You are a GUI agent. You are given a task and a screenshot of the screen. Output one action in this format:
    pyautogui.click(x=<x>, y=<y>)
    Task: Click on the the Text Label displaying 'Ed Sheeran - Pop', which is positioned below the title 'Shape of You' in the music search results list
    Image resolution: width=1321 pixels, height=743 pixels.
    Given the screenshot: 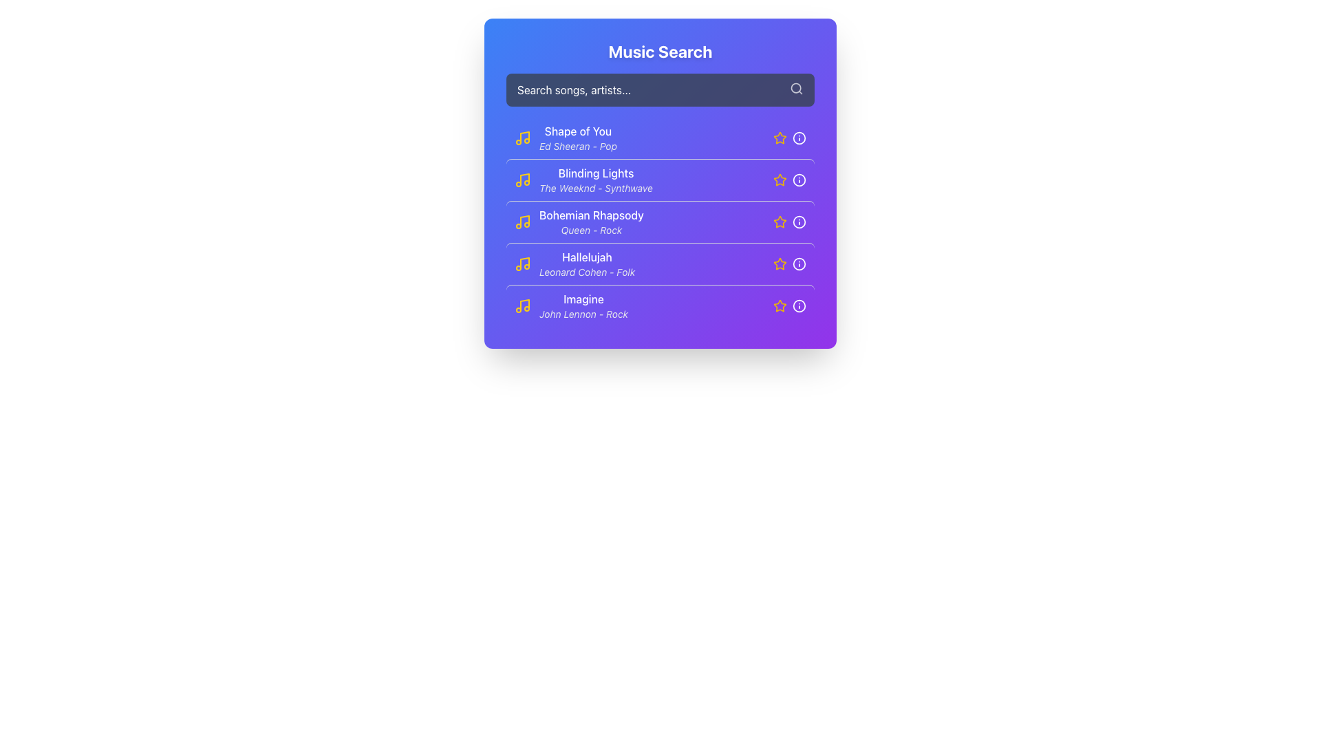 What is the action you would take?
    pyautogui.click(x=578, y=146)
    